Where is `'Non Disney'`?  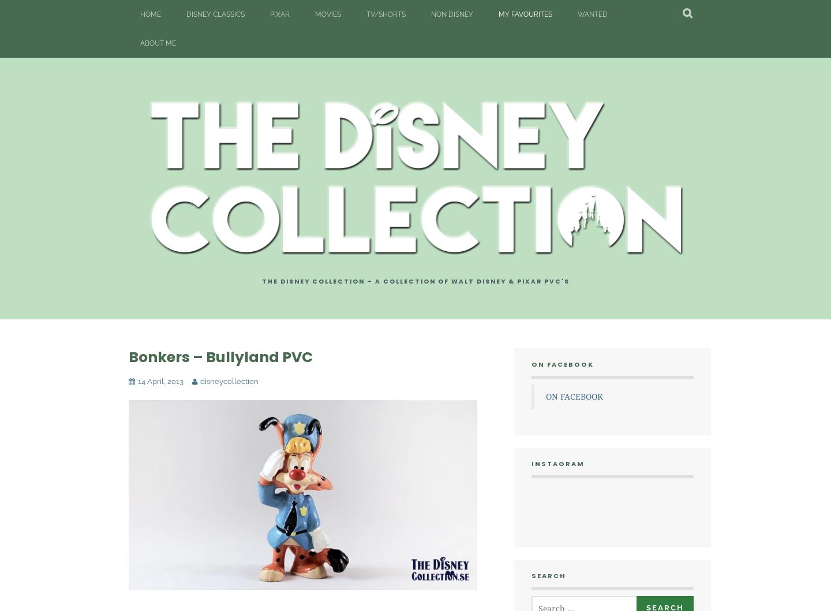 'Non Disney' is located at coordinates (452, 14).